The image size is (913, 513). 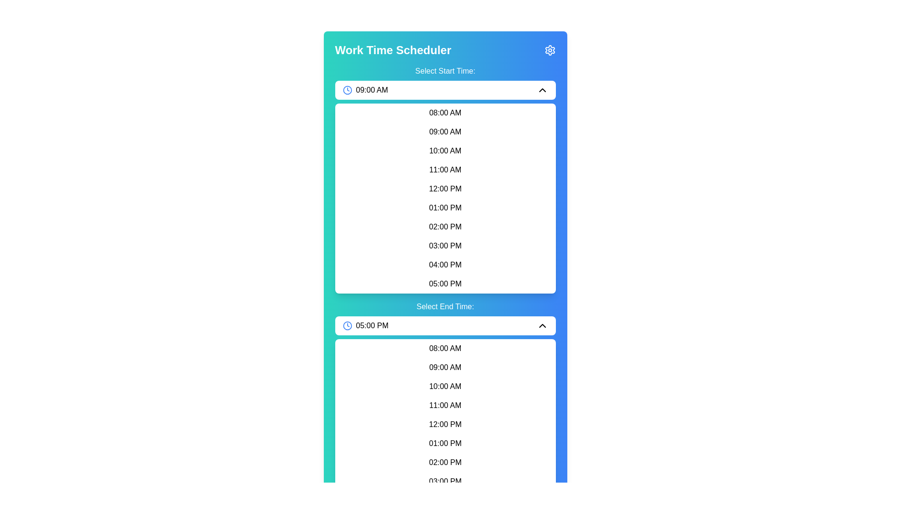 I want to click on the '09:00 AM' time option in the dropdown menu, so click(x=445, y=367).